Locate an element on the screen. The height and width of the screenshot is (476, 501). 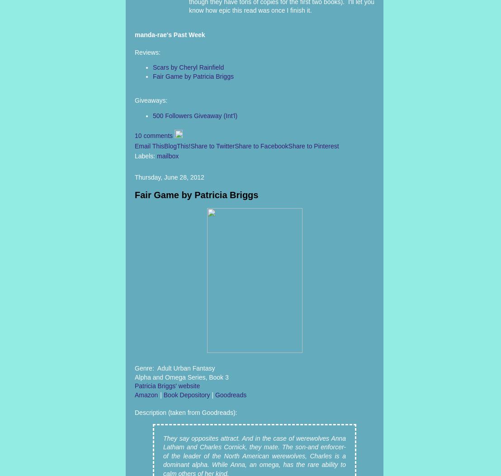
'Thursday, June 28, 2012' is located at coordinates (135, 177).